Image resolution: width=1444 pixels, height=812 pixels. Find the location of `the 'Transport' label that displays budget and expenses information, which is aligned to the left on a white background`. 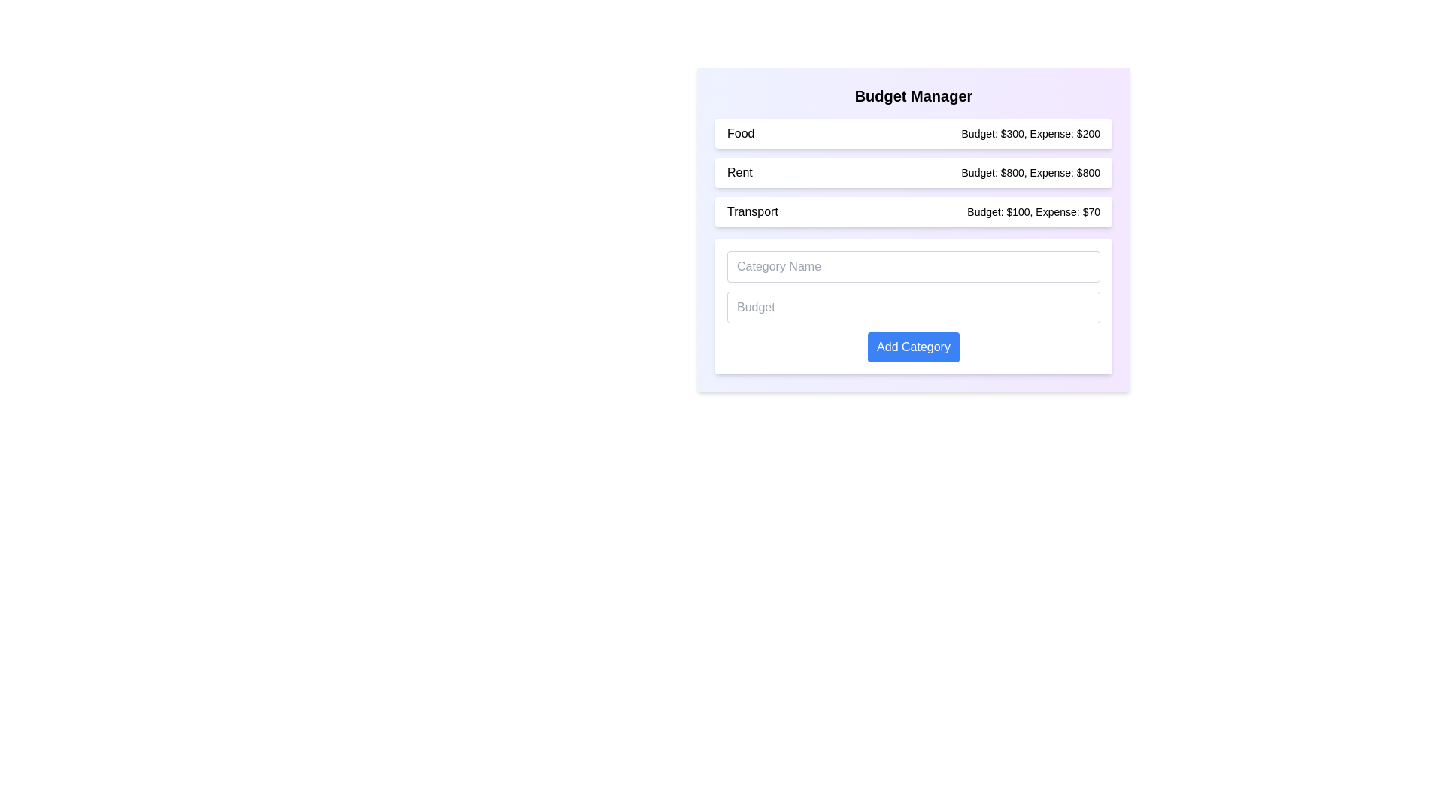

the 'Transport' label that displays budget and expenses information, which is aligned to the left on a white background is located at coordinates (752, 211).